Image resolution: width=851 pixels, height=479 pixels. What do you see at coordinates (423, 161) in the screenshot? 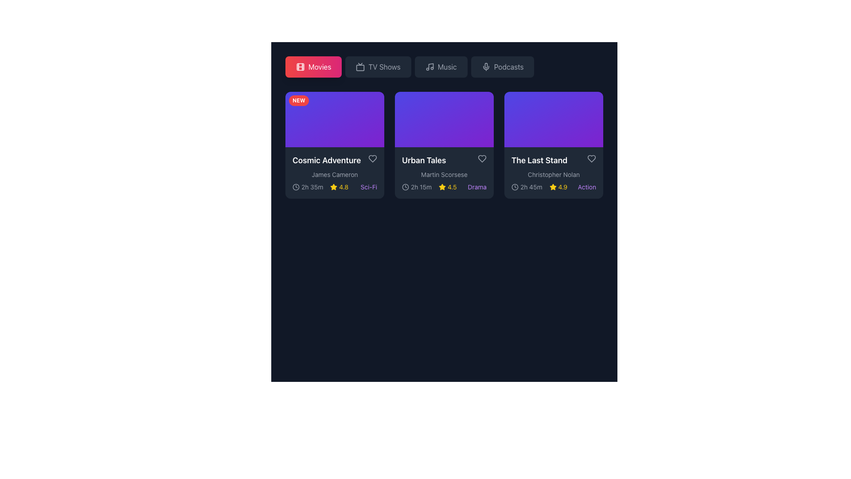
I see `the text label element titled 'Urban Tales' to potentially reveal additional details` at bounding box center [423, 161].